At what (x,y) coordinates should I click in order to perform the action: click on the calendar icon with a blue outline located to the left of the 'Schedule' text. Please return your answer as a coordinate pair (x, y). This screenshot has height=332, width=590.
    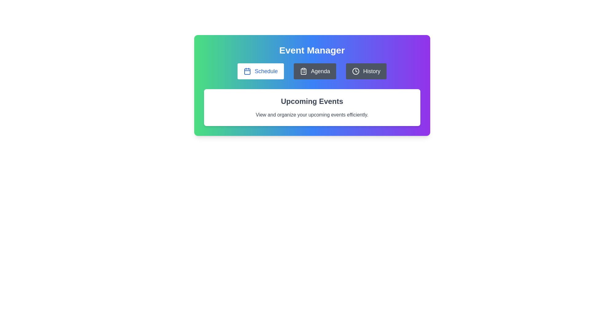
    Looking at the image, I should click on (247, 71).